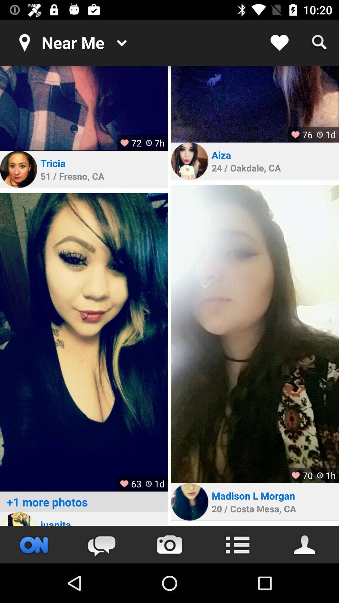  What do you see at coordinates (305, 544) in the screenshot?
I see `contact` at bounding box center [305, 544].